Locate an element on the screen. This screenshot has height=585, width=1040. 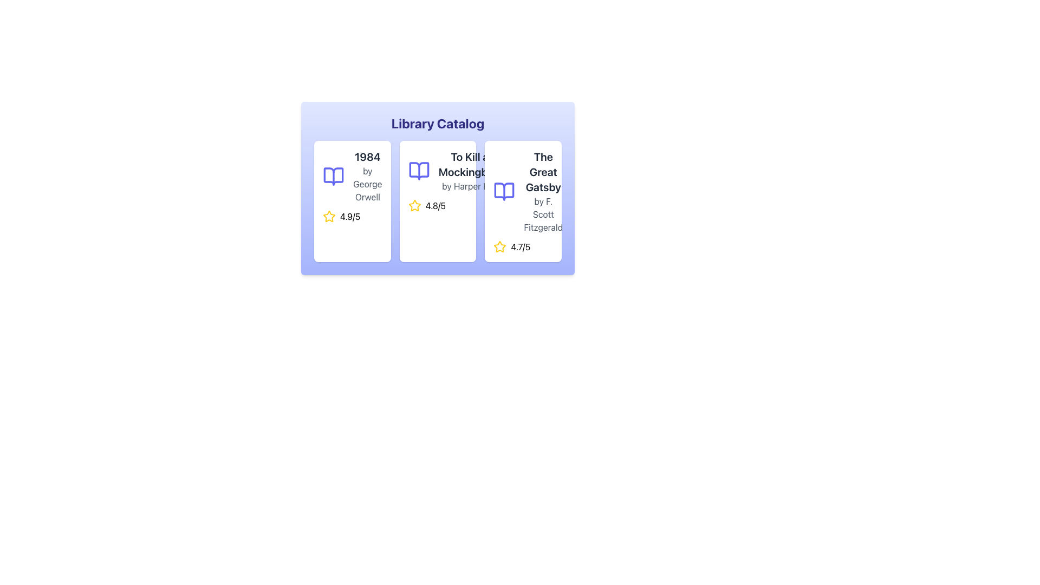
the visual aesthetic of the open book icon with purple outlines located in the second card of the 'Library Catalog', above the book title 'To Kill a Mockingbird by Harper Lee' is located at coordinates (418, 171).